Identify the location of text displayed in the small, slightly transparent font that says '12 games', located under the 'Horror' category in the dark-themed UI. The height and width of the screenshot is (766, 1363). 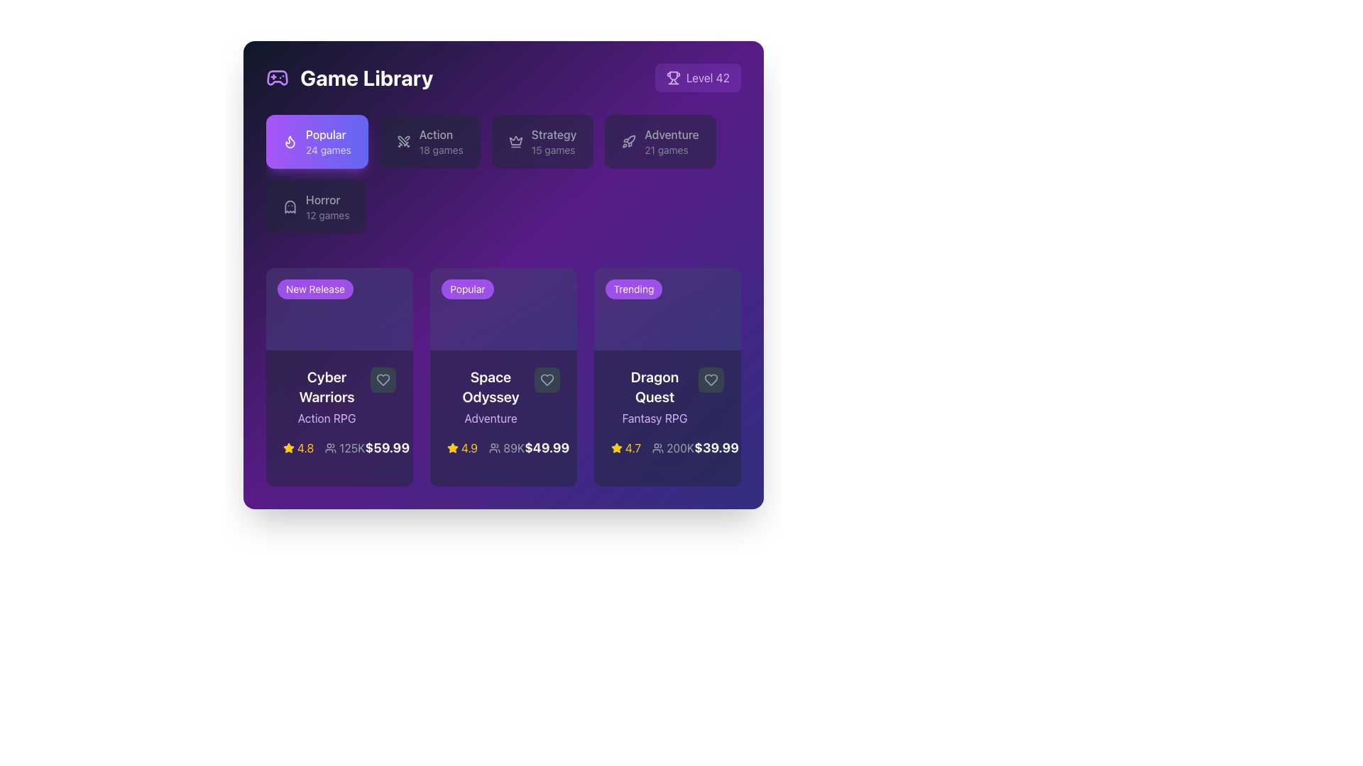
(327, 216).